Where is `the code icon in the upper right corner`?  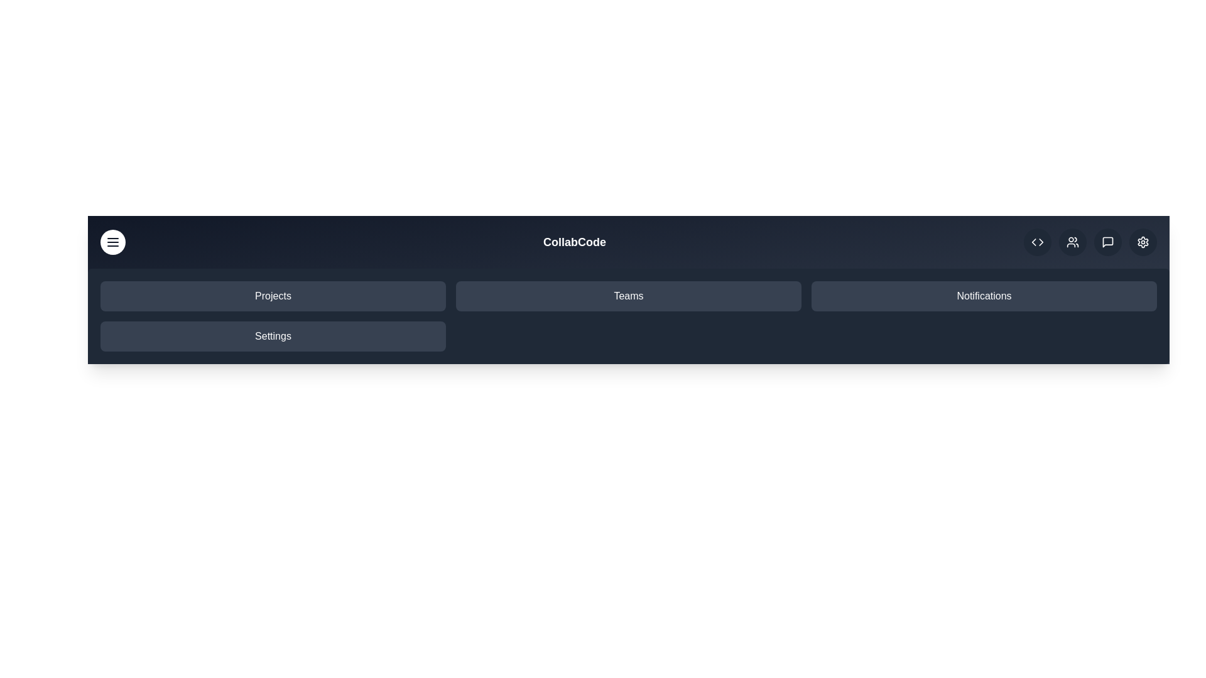 the code icon in the upper right corner is located at coordinates (1037, 242).